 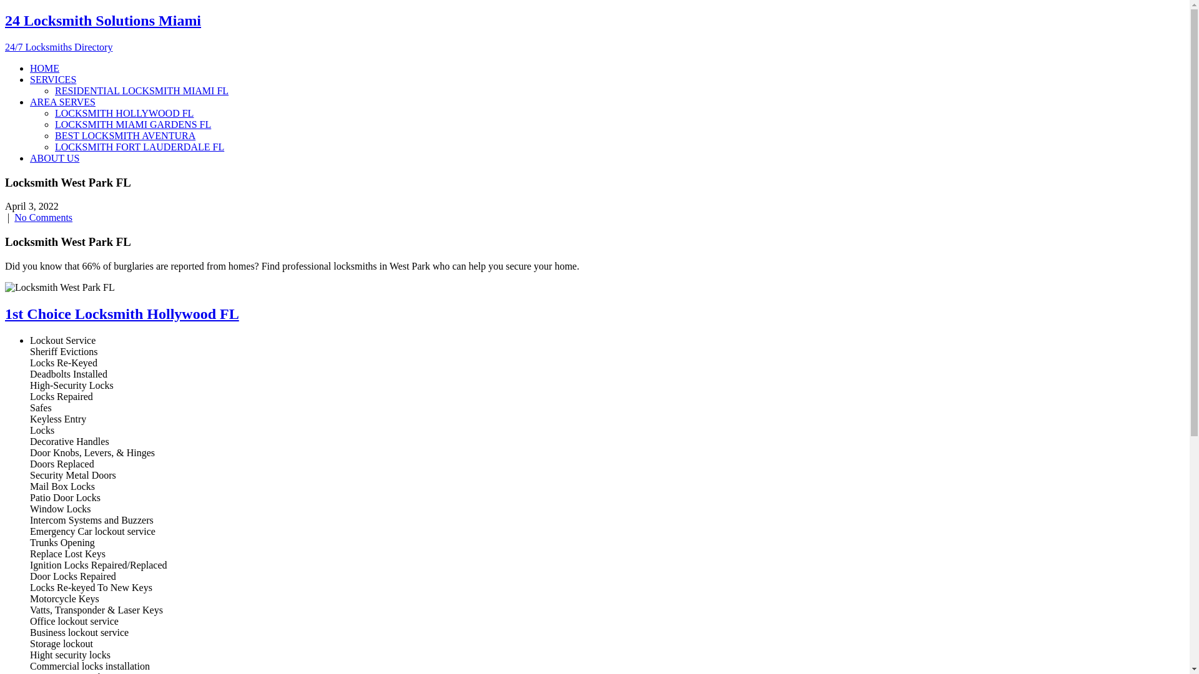 I want to click on 'SERVICES', so click(x=30, y=79).